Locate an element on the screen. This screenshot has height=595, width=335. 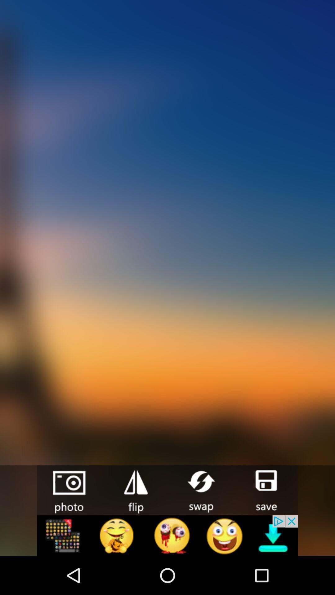
take a photo is located at coordinates (70, 490).